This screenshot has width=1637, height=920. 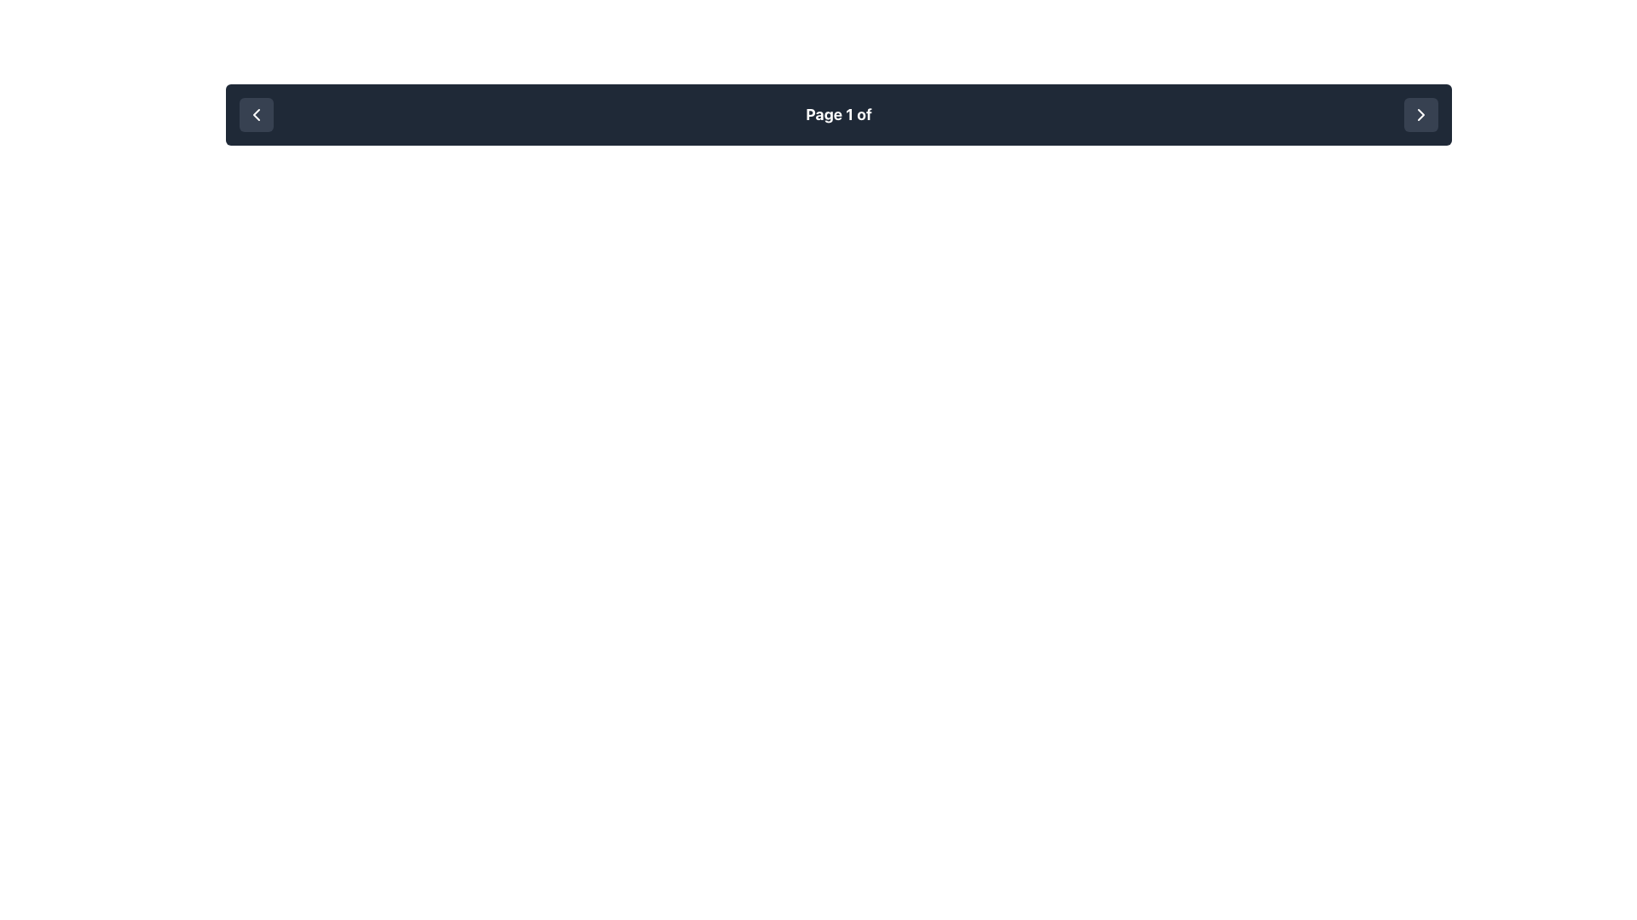 I want to click on the chevron left aligned icon located at the center of the button on the far-left side of the top bar, so click(x=256, y=115).